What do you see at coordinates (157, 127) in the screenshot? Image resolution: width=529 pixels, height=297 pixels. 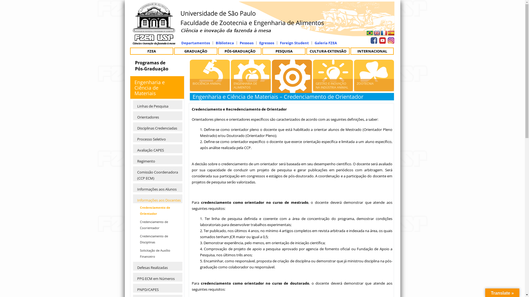 I see `'Disciplinas Credenciadas'` at bounding box center [157, 127].